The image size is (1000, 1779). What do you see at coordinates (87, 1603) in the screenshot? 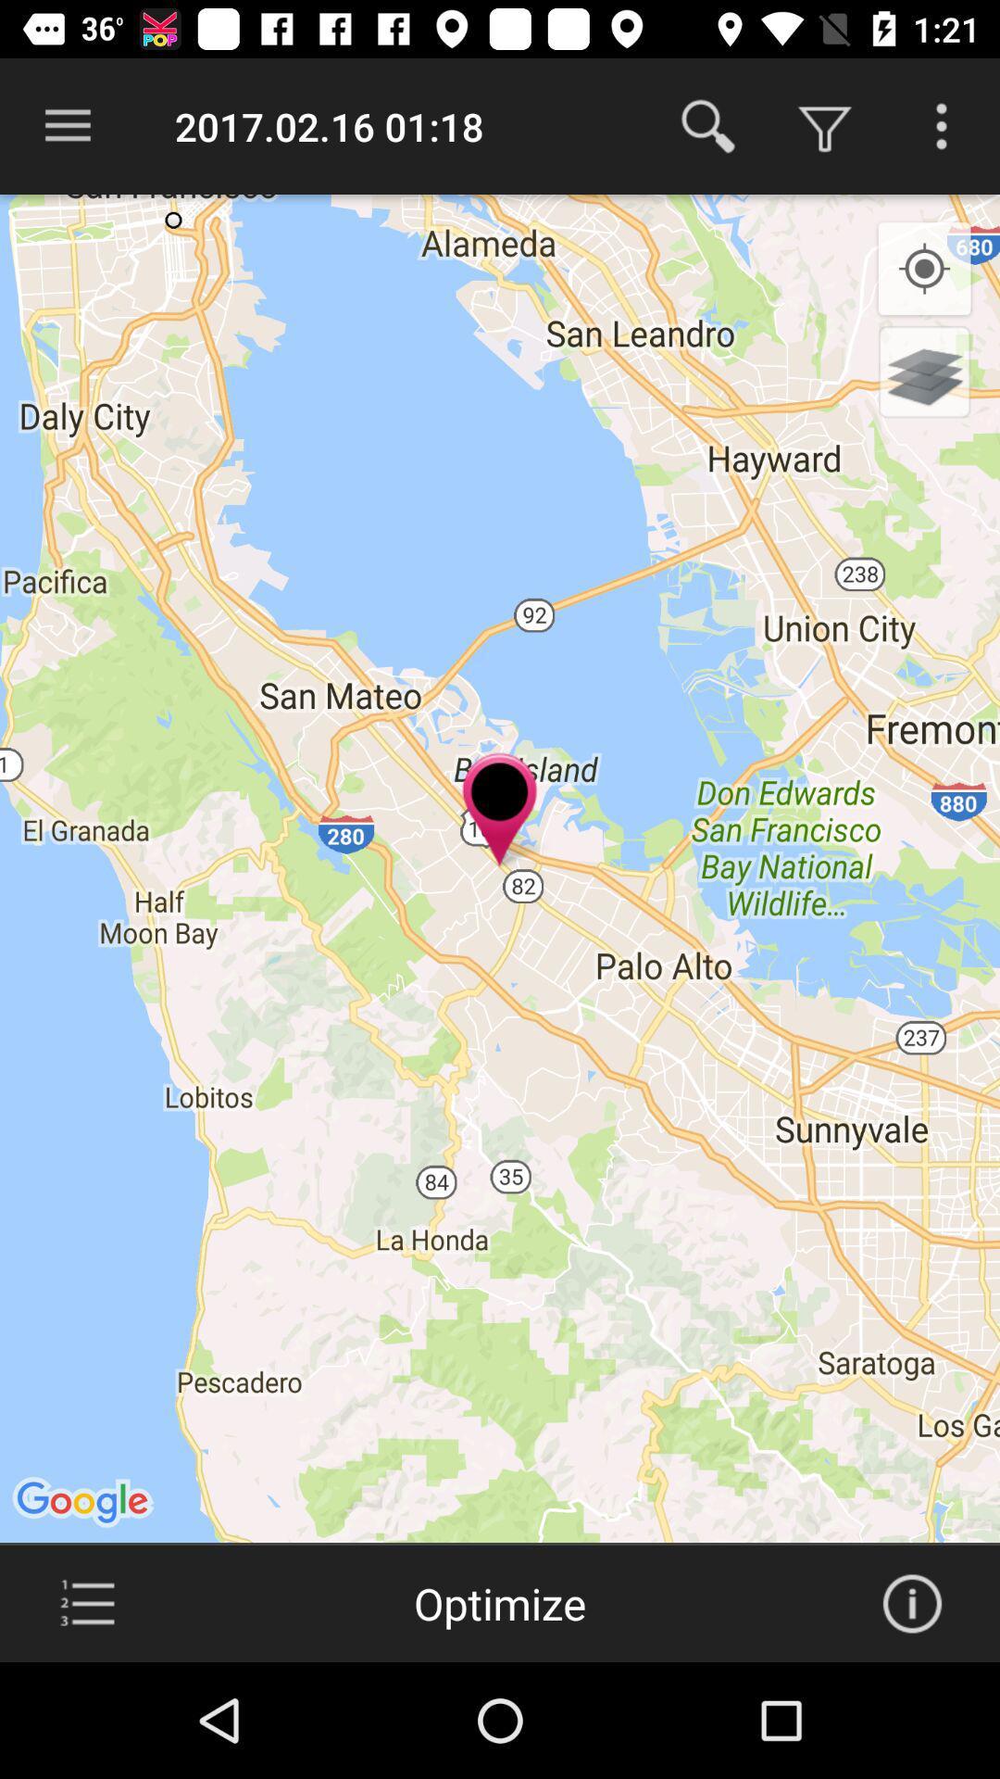
I see `categories` at bounding box center [87, 1603].